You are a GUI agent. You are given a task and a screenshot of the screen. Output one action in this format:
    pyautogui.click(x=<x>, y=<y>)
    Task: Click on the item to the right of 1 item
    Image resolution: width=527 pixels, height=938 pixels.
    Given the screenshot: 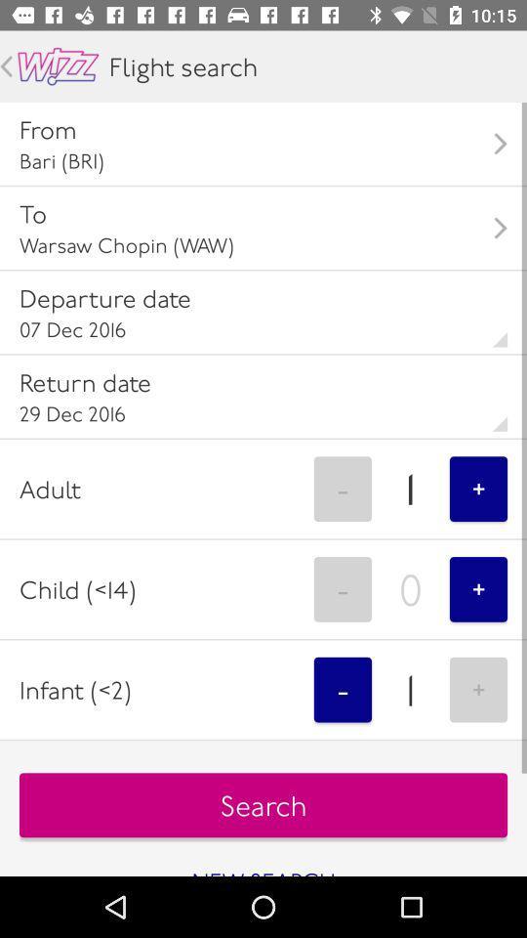 What is the action you would take?
    pyautogui.click(x=477, y=488)
    